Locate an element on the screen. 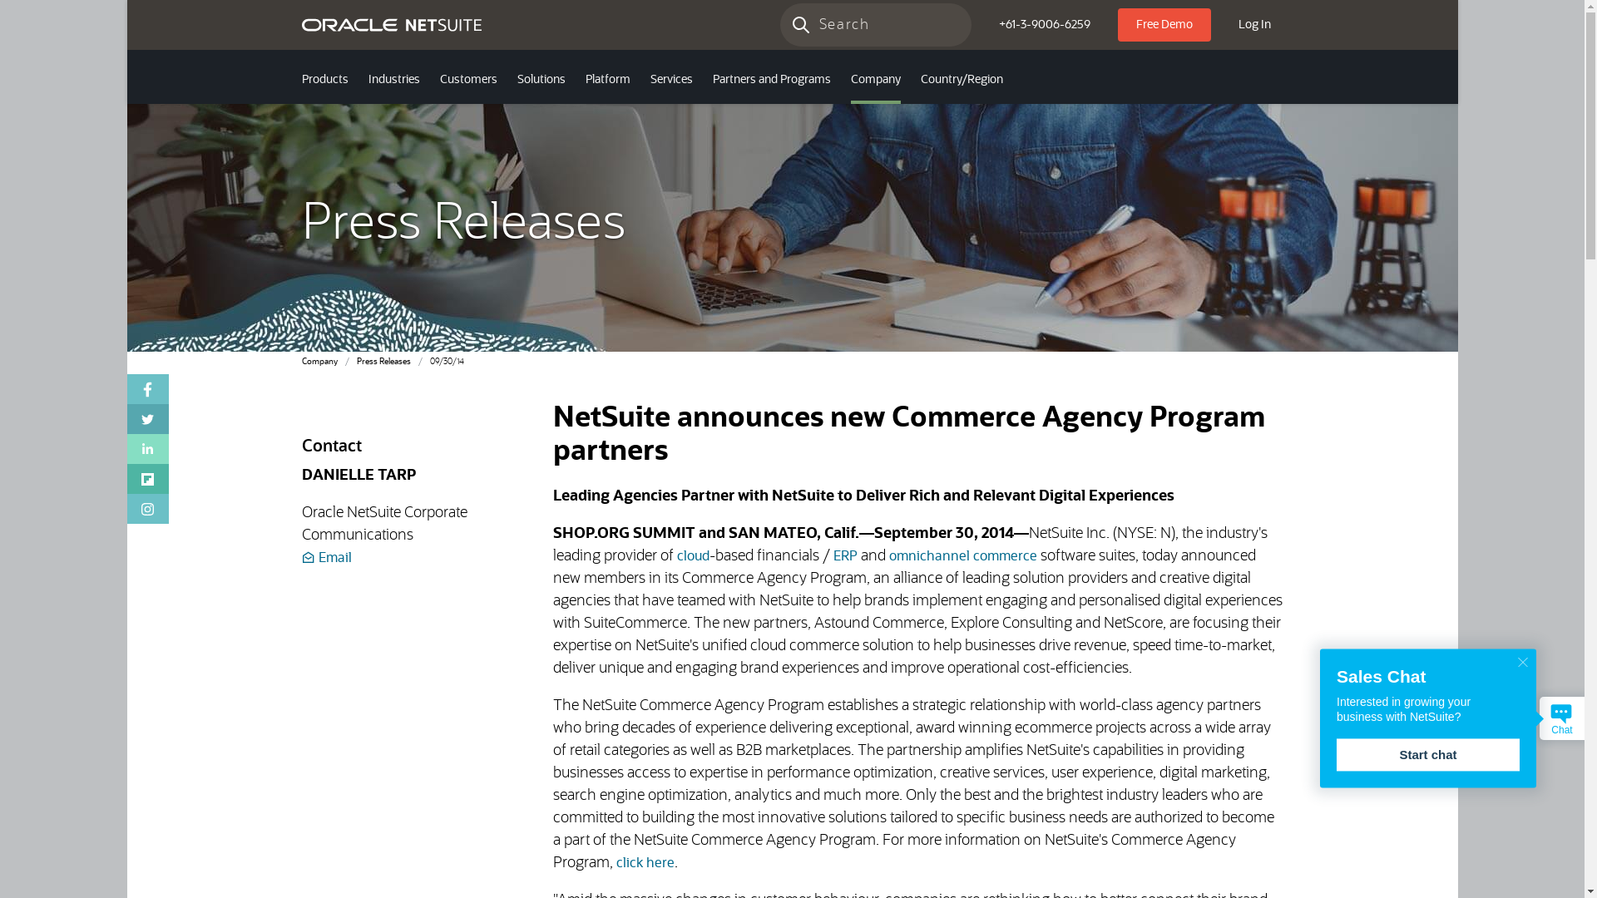  'Chat' is located at coordinates (1560, 717).